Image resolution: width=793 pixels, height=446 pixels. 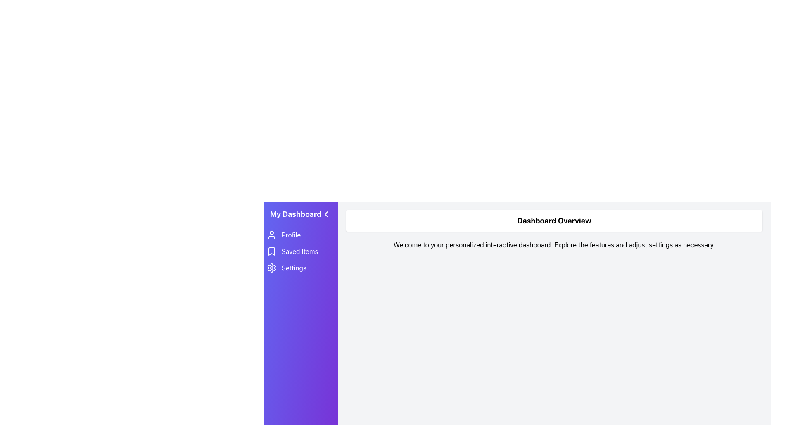 What do you see at coordinates (271, 268) in the screenshot?
I see `the 'Settings' icon located at the bottom section of the navigation sidebar under 'Saved Items'` at bounding box center [271, 268].